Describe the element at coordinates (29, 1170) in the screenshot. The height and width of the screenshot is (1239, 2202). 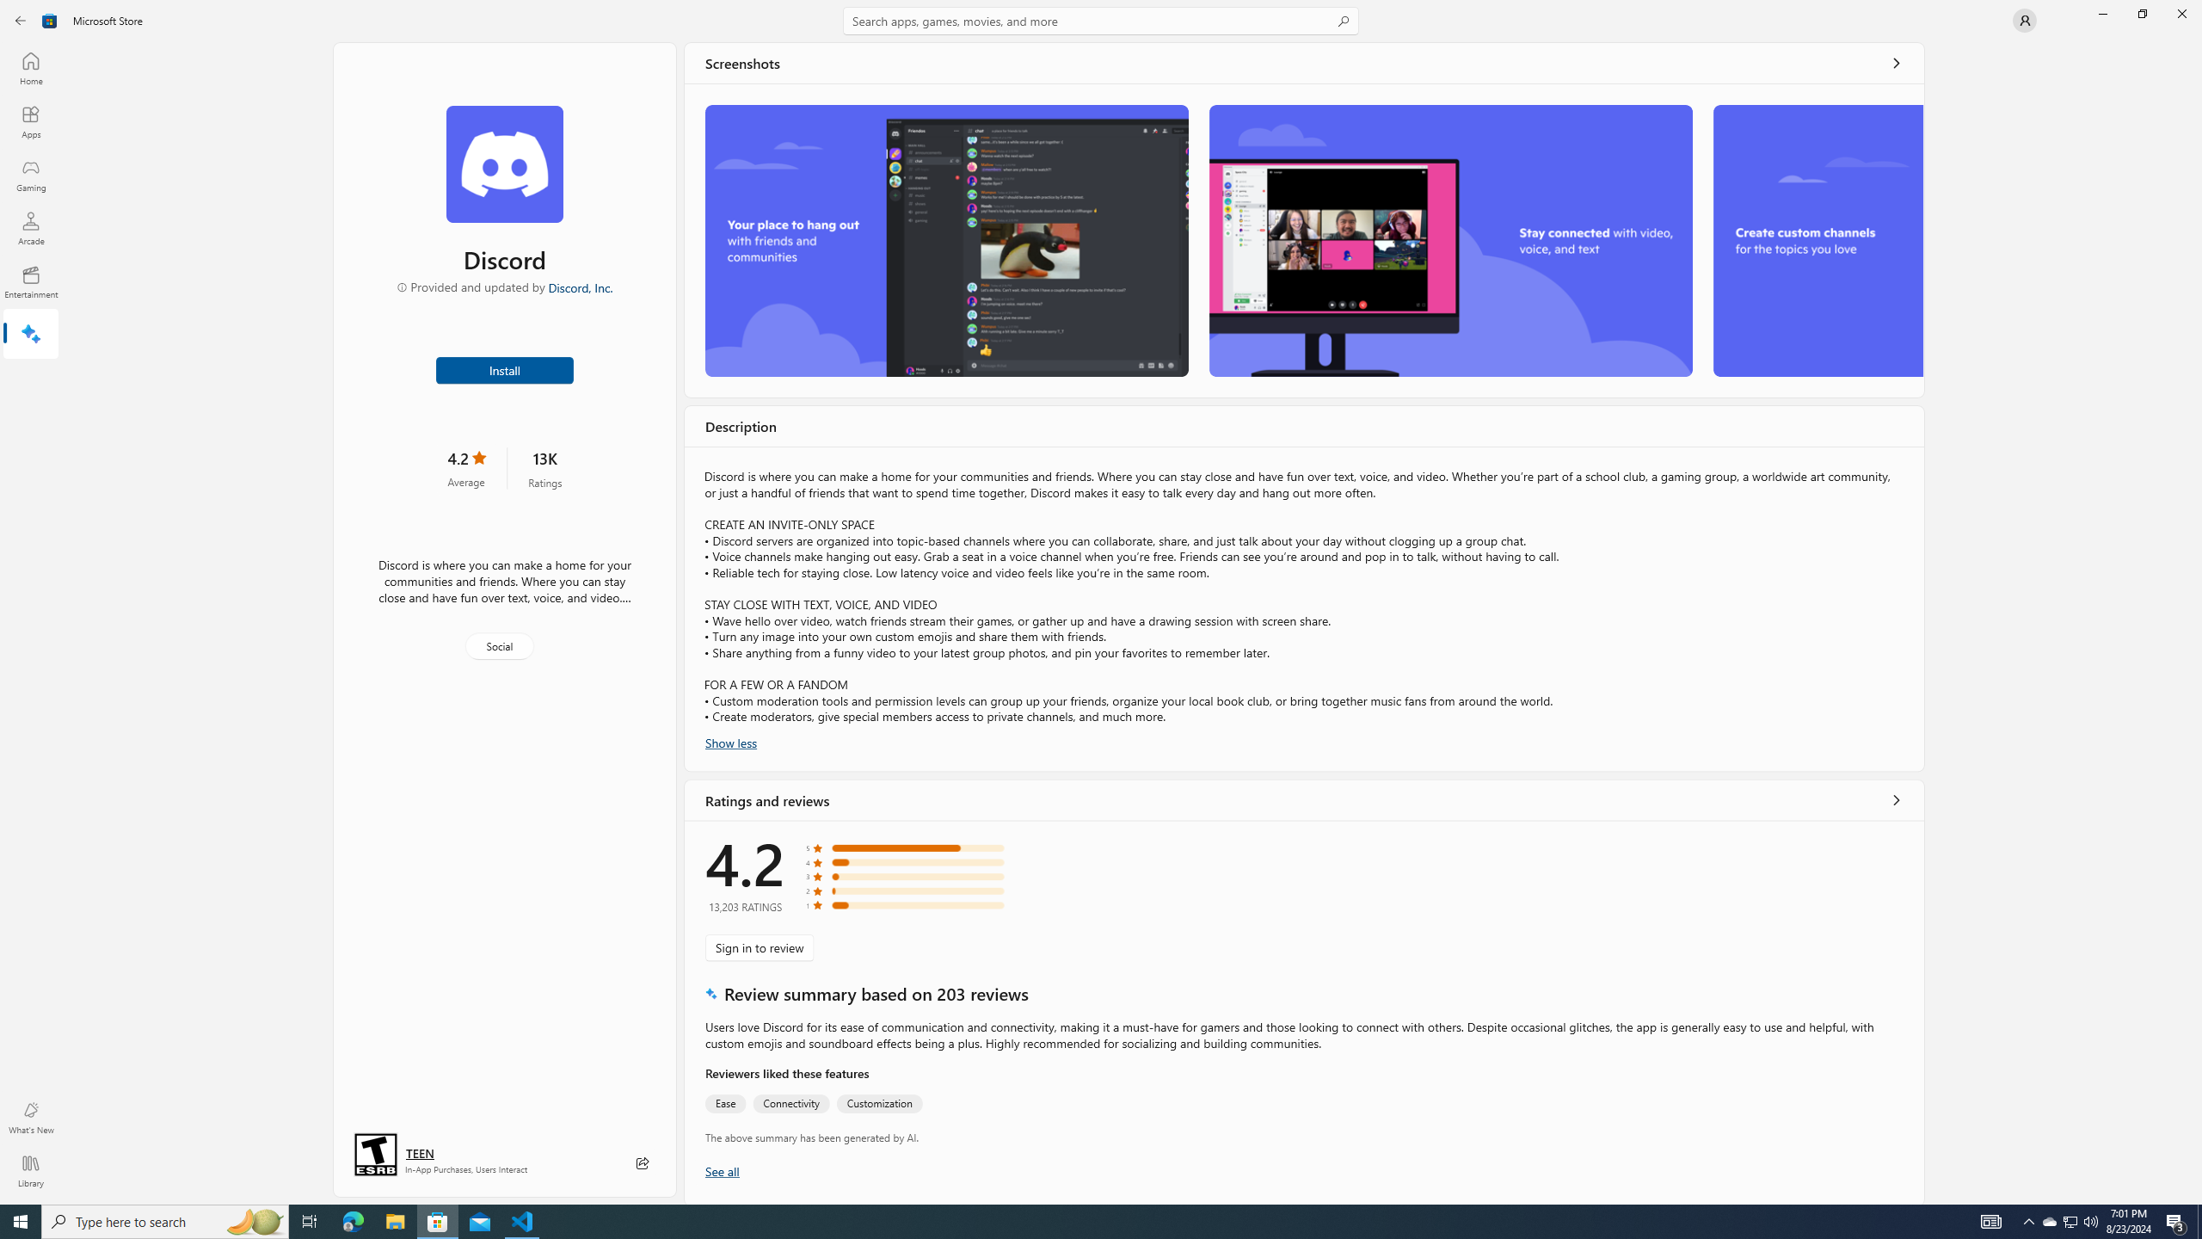
I see `'Library'` at that location.